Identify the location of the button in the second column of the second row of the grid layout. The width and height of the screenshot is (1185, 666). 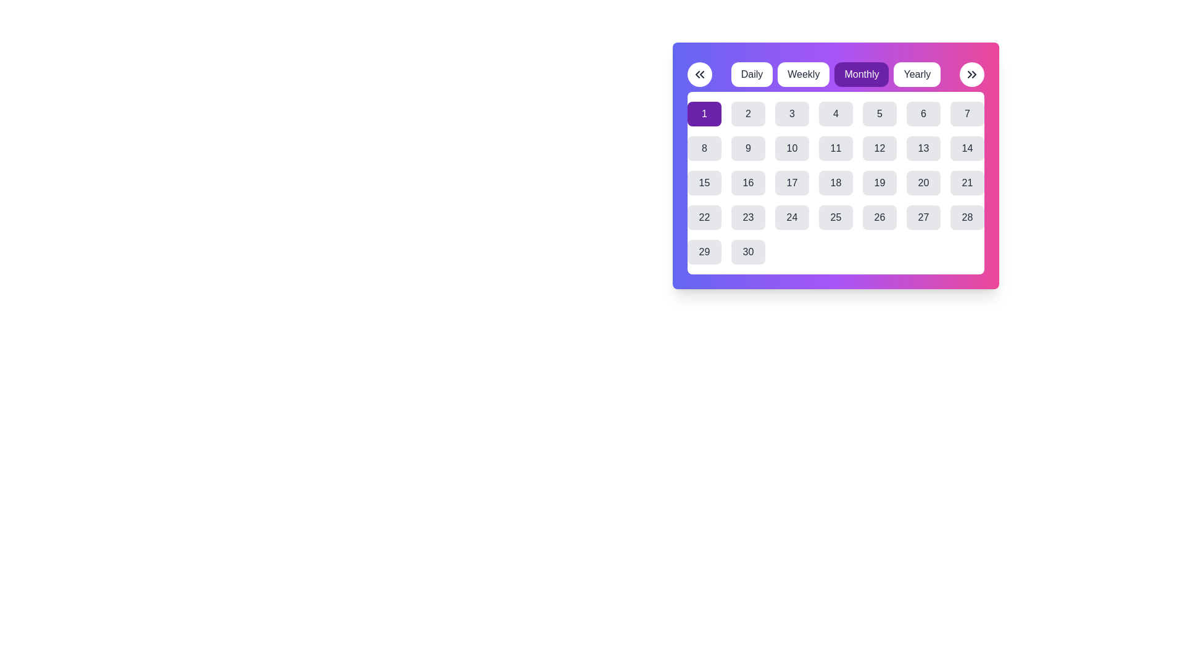
(704, 147).